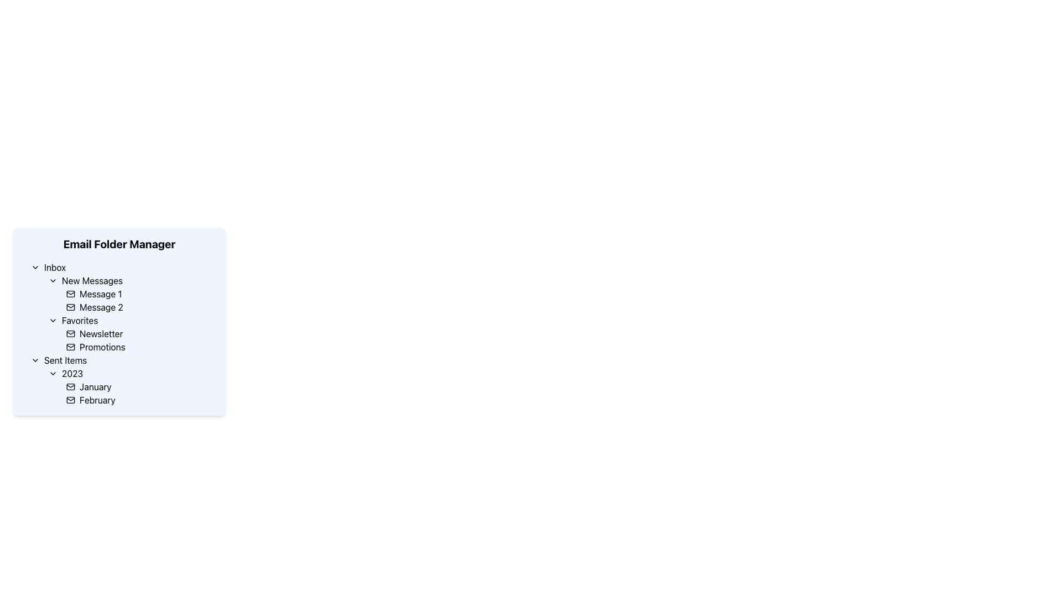 This screenshot has width=1062, height=597. Describe the element at coordinates (95, 386) in the screenshot. I see `the navigational text label for January under the 'Sent Items > 2023' folder` at that location.